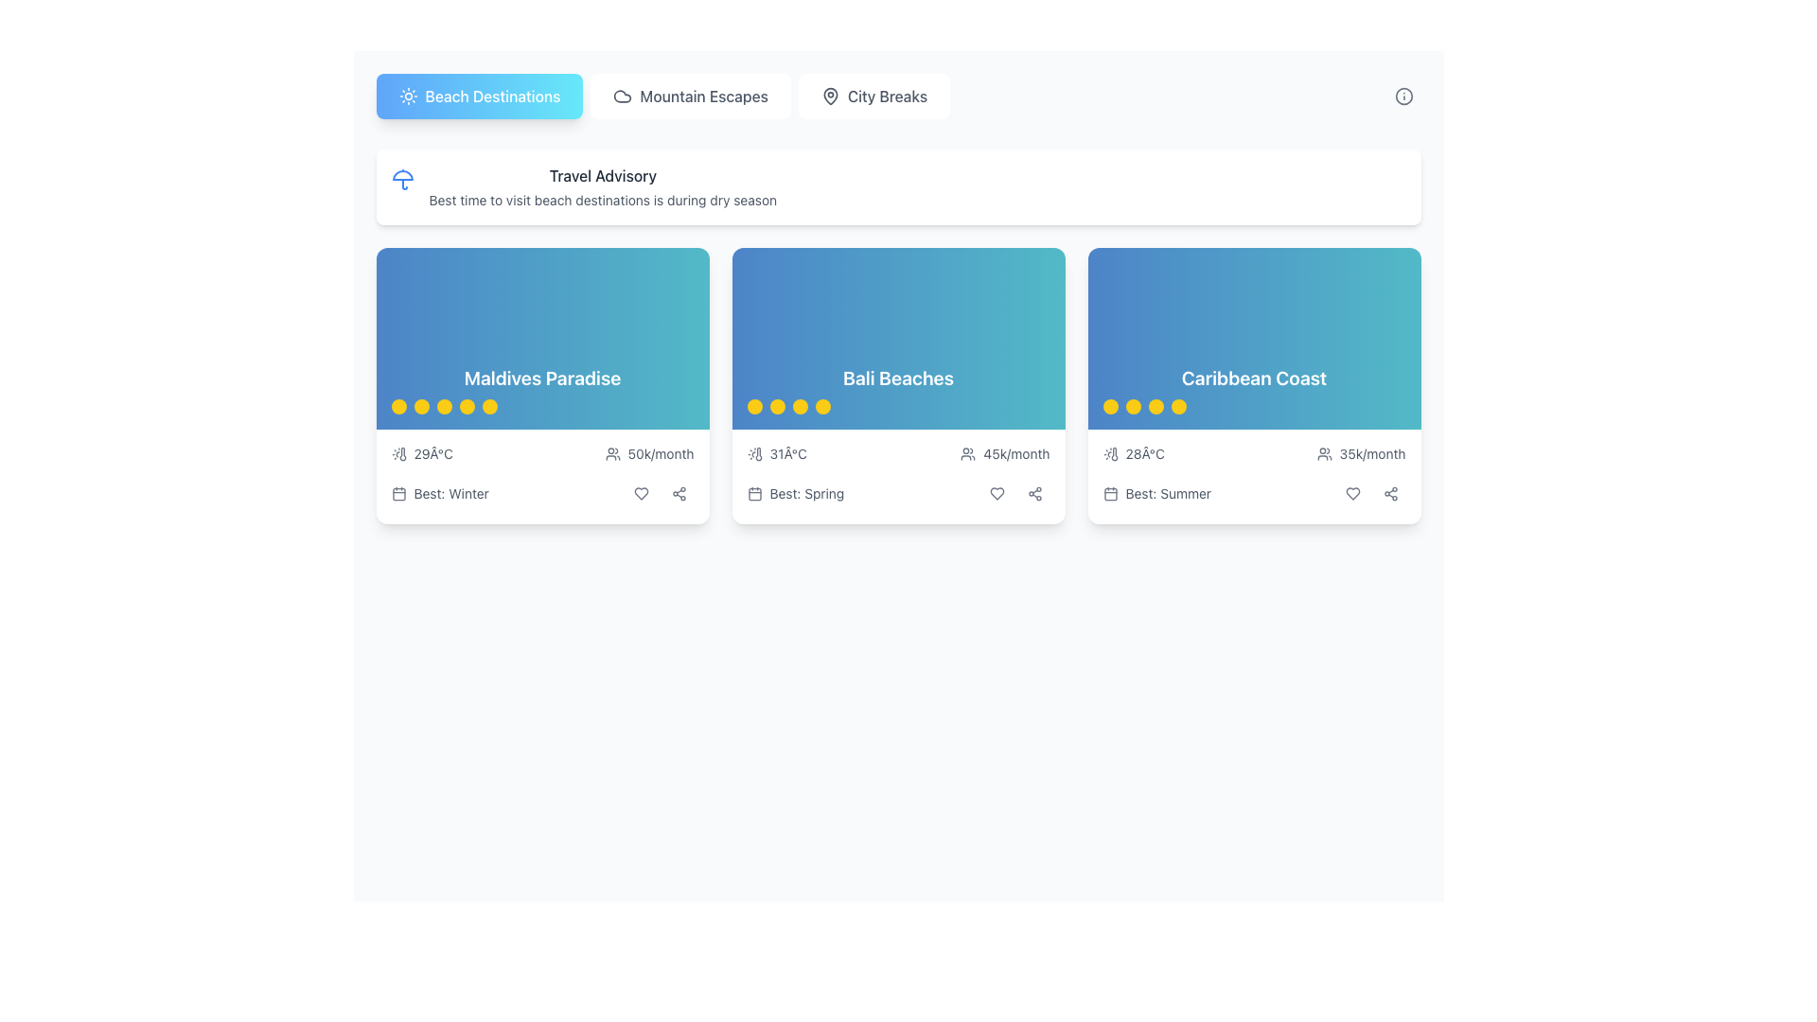 The height and width of the screenshot is (1022, 1817). Describe the element at coordinates (758, 453) in the screenshot. I see `the thermometer icon located in the second card, which visually represents temperature information and is adjacent to the numeric temperature display` at that location.